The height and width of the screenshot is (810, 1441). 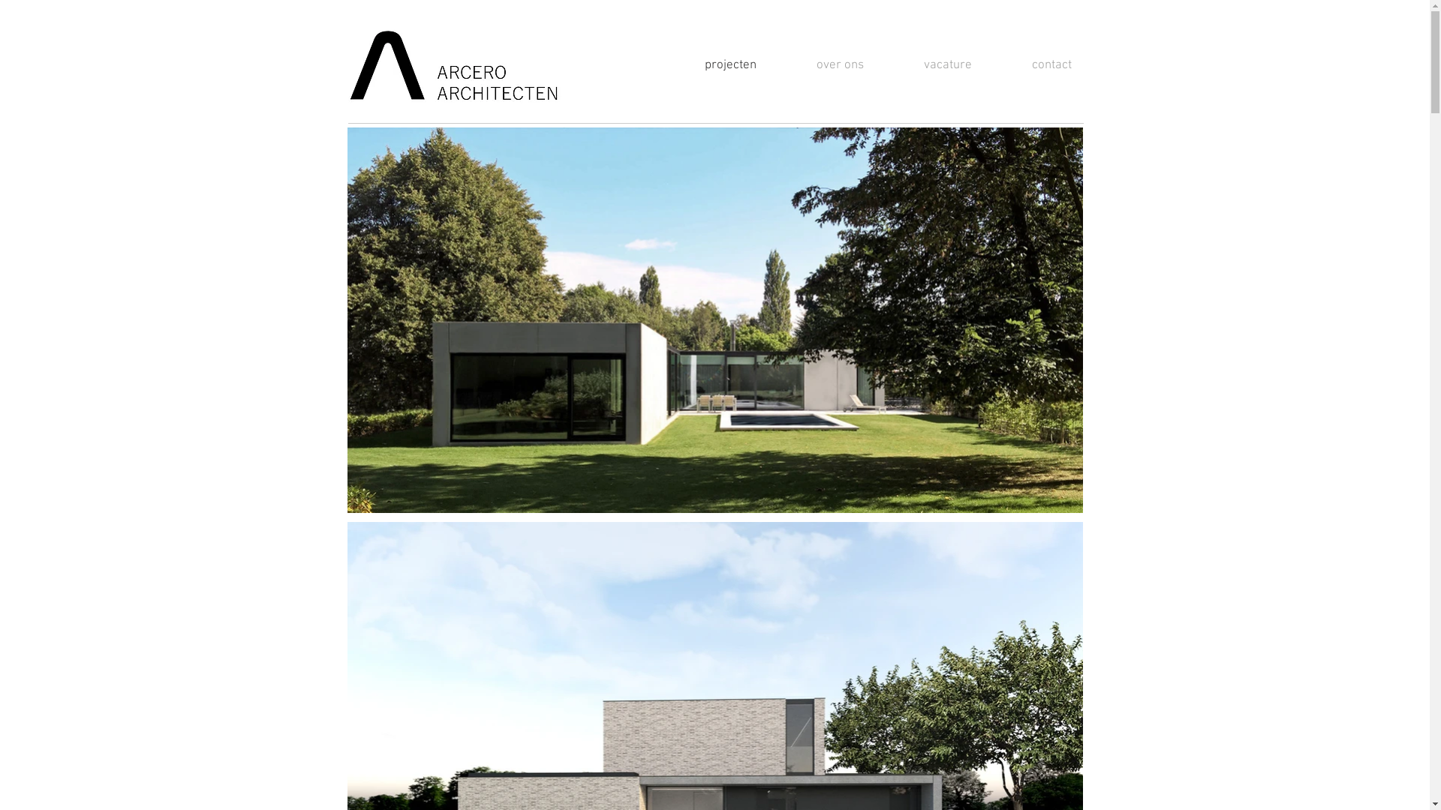 I want to click on 'vacature', so click(x=875, y=64).